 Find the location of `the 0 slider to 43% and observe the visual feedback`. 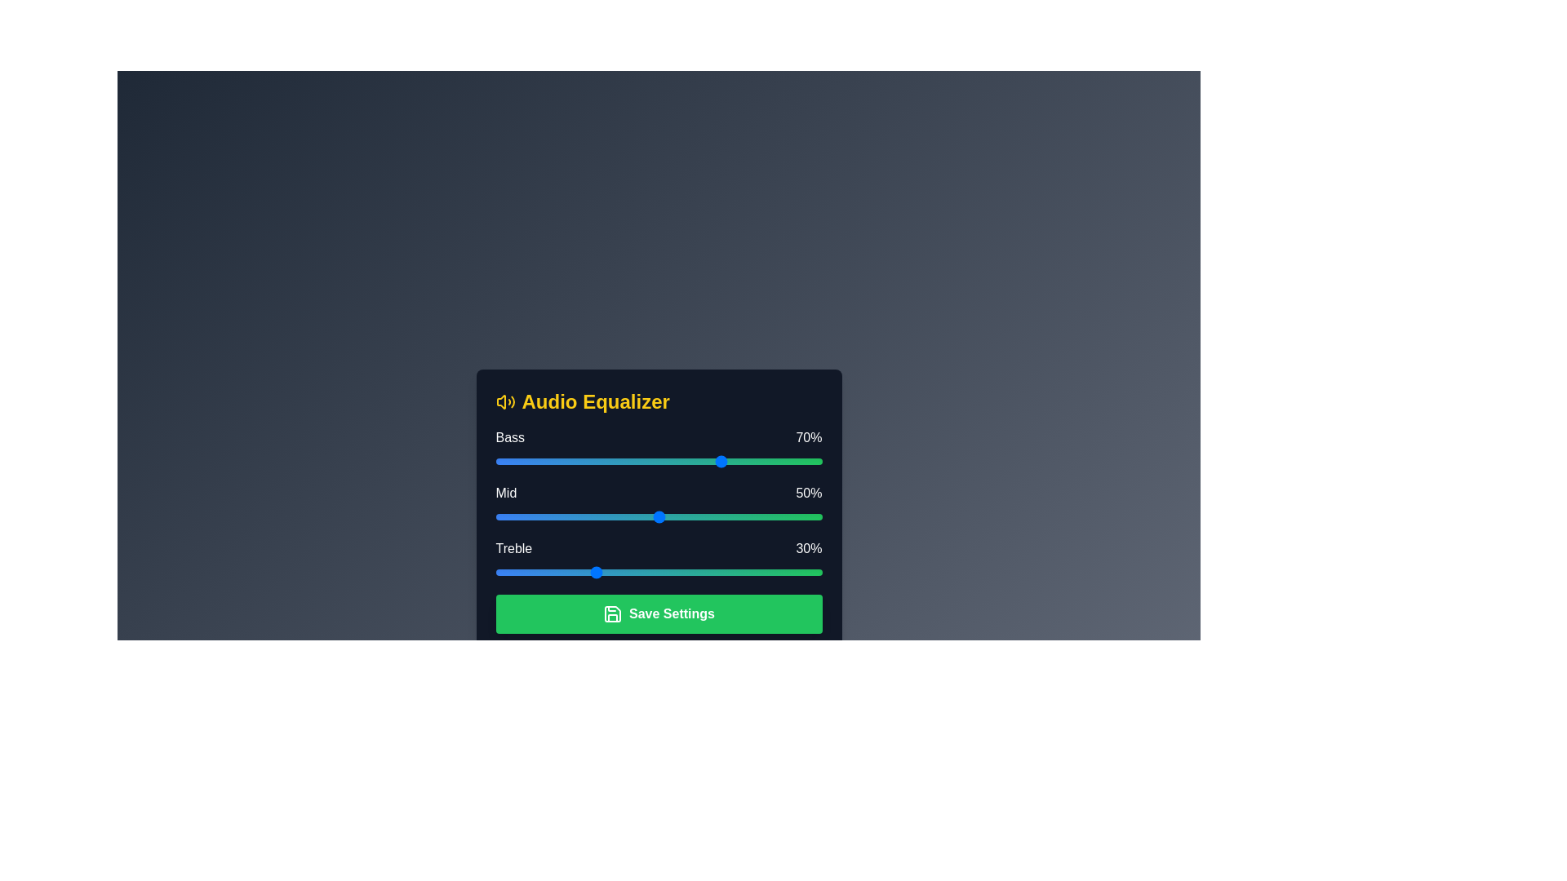

the 0 slider to 43% and observe the visual feedback is located at coordinates (635, 462).